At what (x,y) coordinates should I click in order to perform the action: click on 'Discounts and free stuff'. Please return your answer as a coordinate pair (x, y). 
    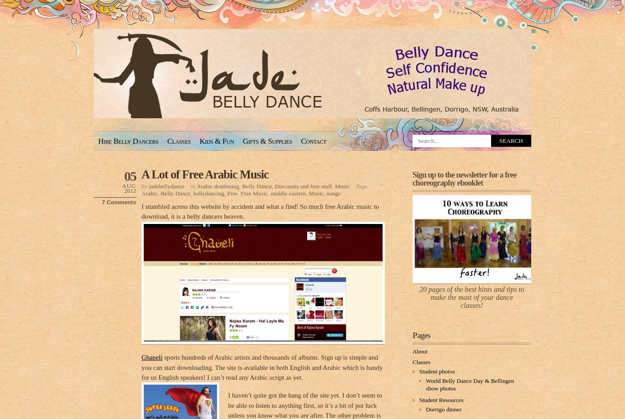
    Looking at the image, I should click on (303, 185).